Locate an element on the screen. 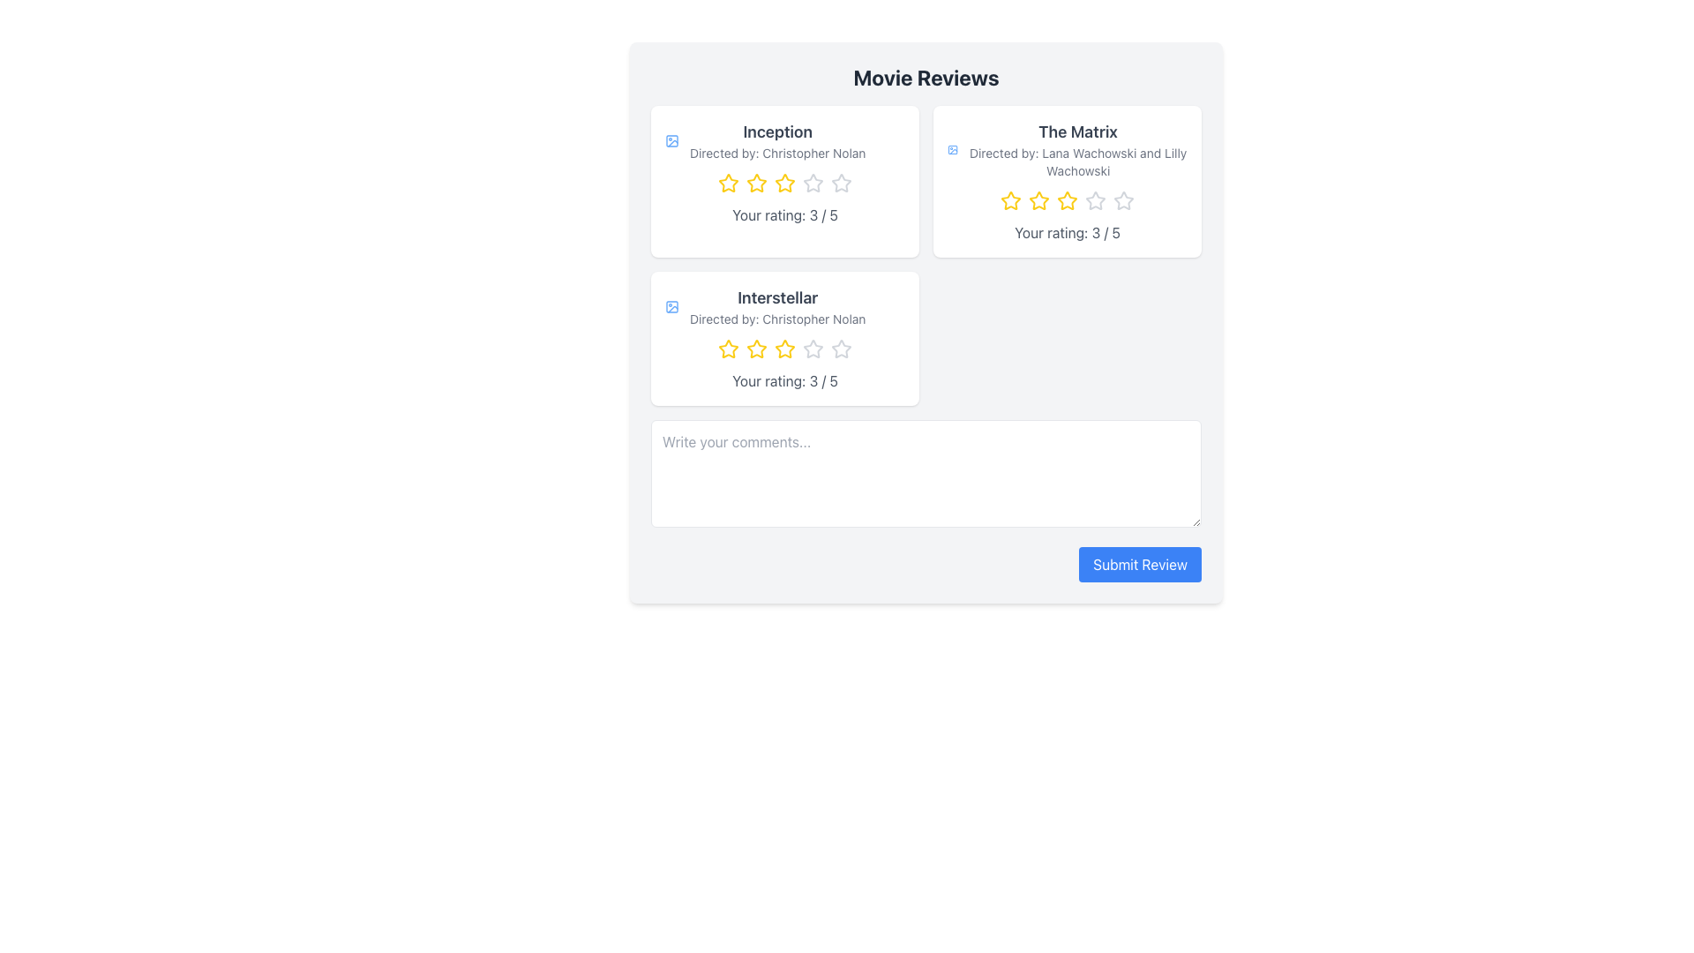 This screenshot has height=953, width=1694. the submit button located at the bottom-right corner of the review form is located at coordinates (1140, 565).